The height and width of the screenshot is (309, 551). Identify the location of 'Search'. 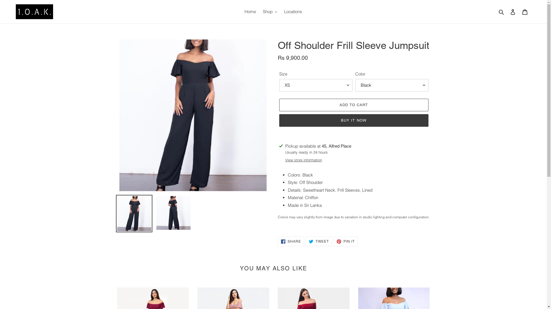
(501, 12).